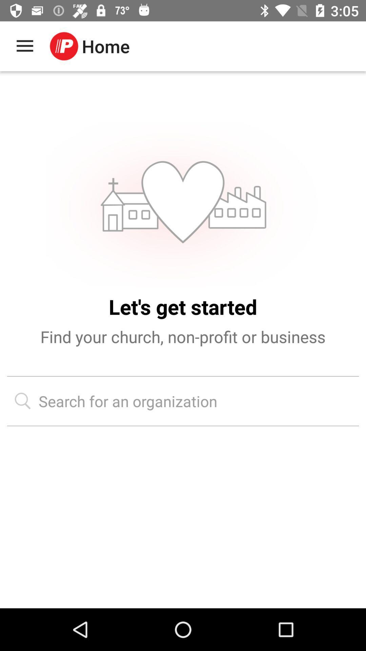  What do you see at coordinates (182, 203) in the screenshot?
I see `the item above the let s get icon` at bounding box center [182, 203].